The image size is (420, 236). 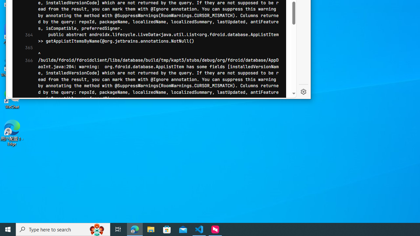 I want to click on 'Search highlights icon opens search home window', so click(x=96, y=229).